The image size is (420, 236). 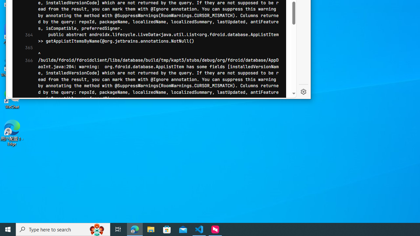 I want to click on 'Search highlights icon opens search home window', so click(x=96, y=229).